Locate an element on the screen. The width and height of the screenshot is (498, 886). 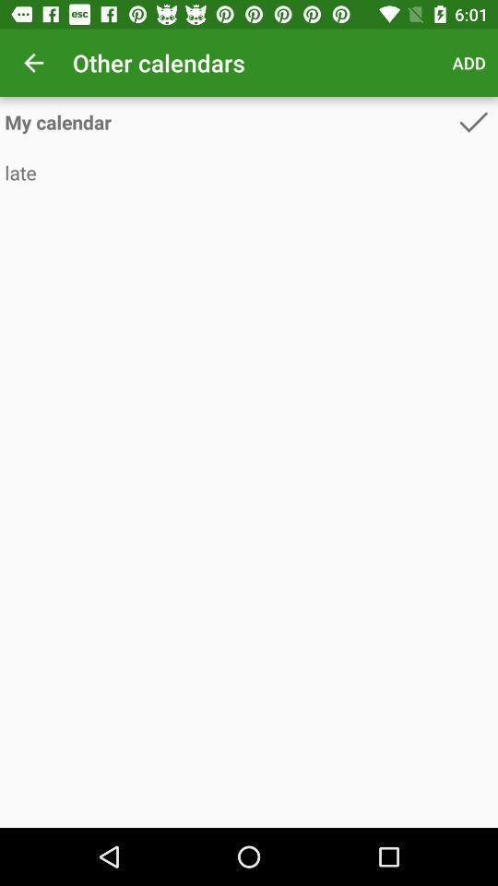
the icon to the left of other calendars app is located at coordinates (33, 63).